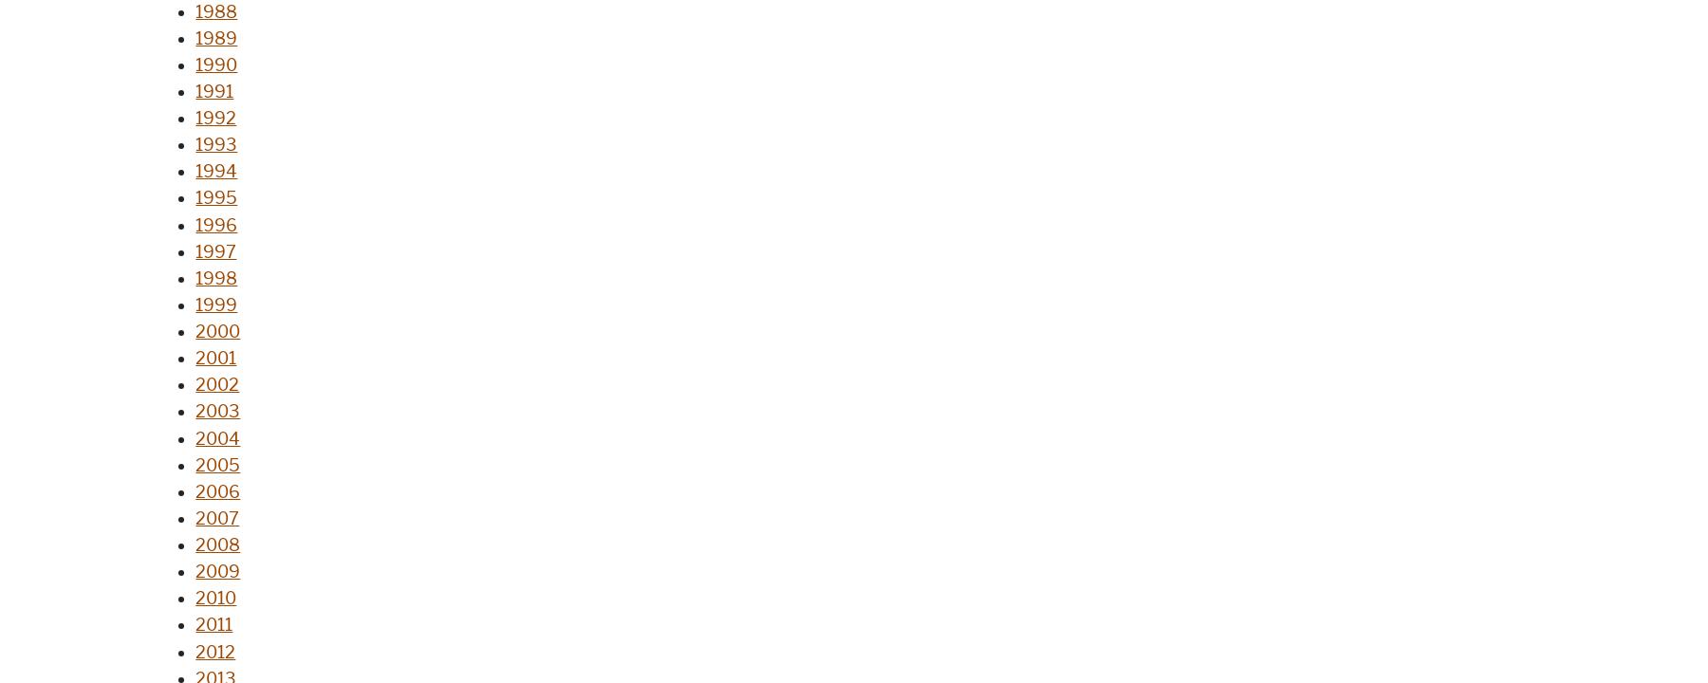 This screenshot has height=683, width=1708. Describe the element at coordinates (216, 545) in the screenshot. I see `'2008'` at that location.